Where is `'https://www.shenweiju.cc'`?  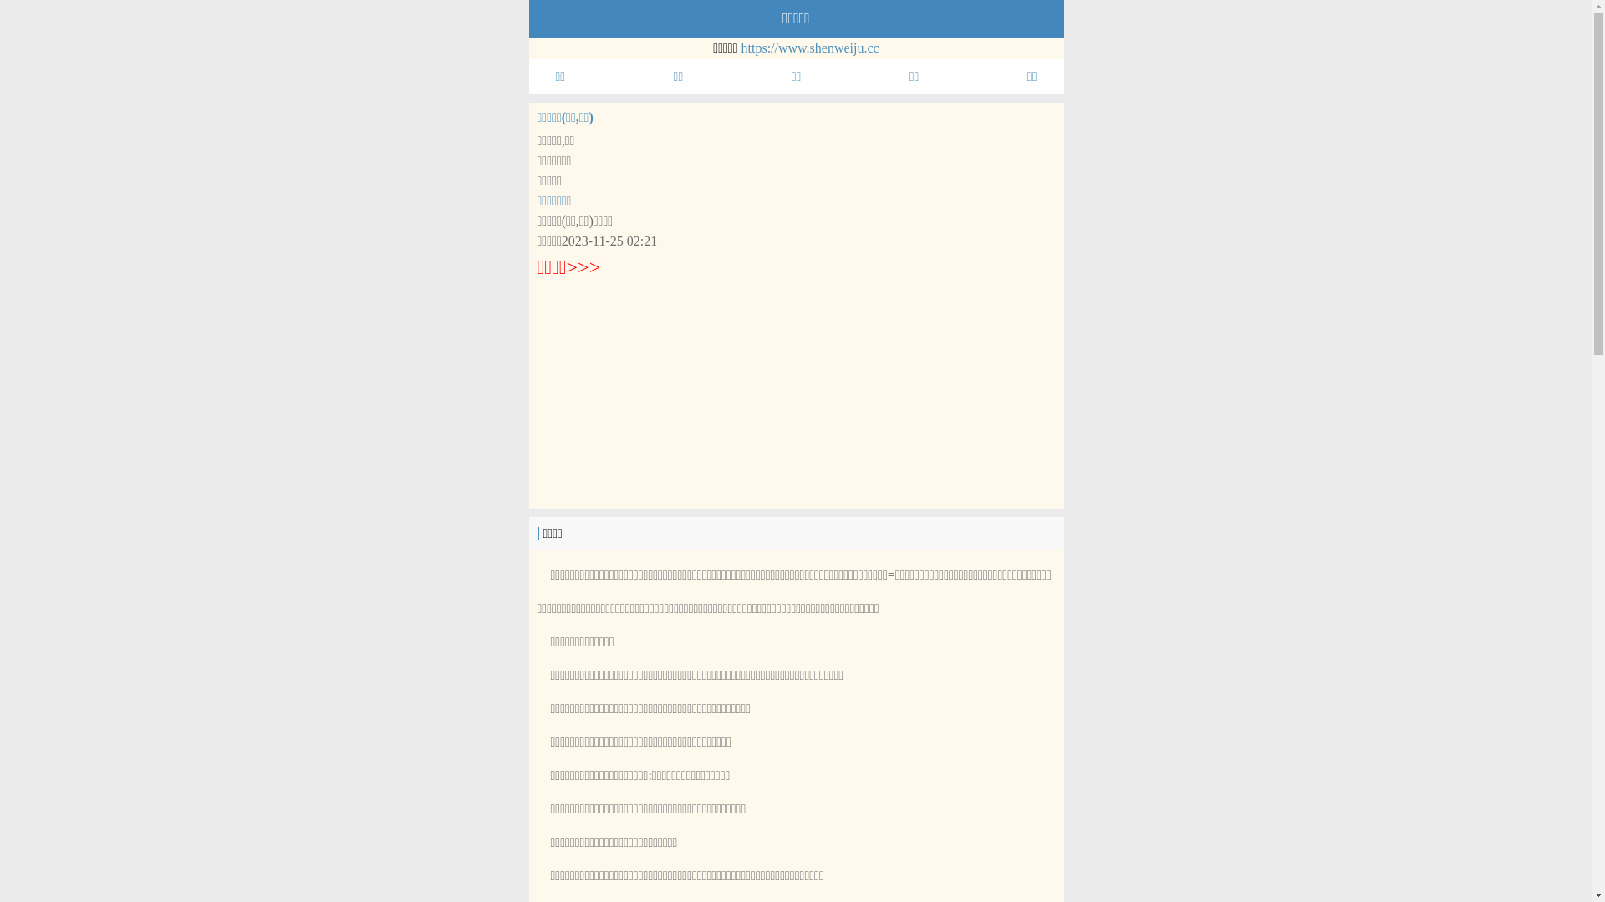
'https://www.shenweiju.cc' is located at coordinates (810, 47).